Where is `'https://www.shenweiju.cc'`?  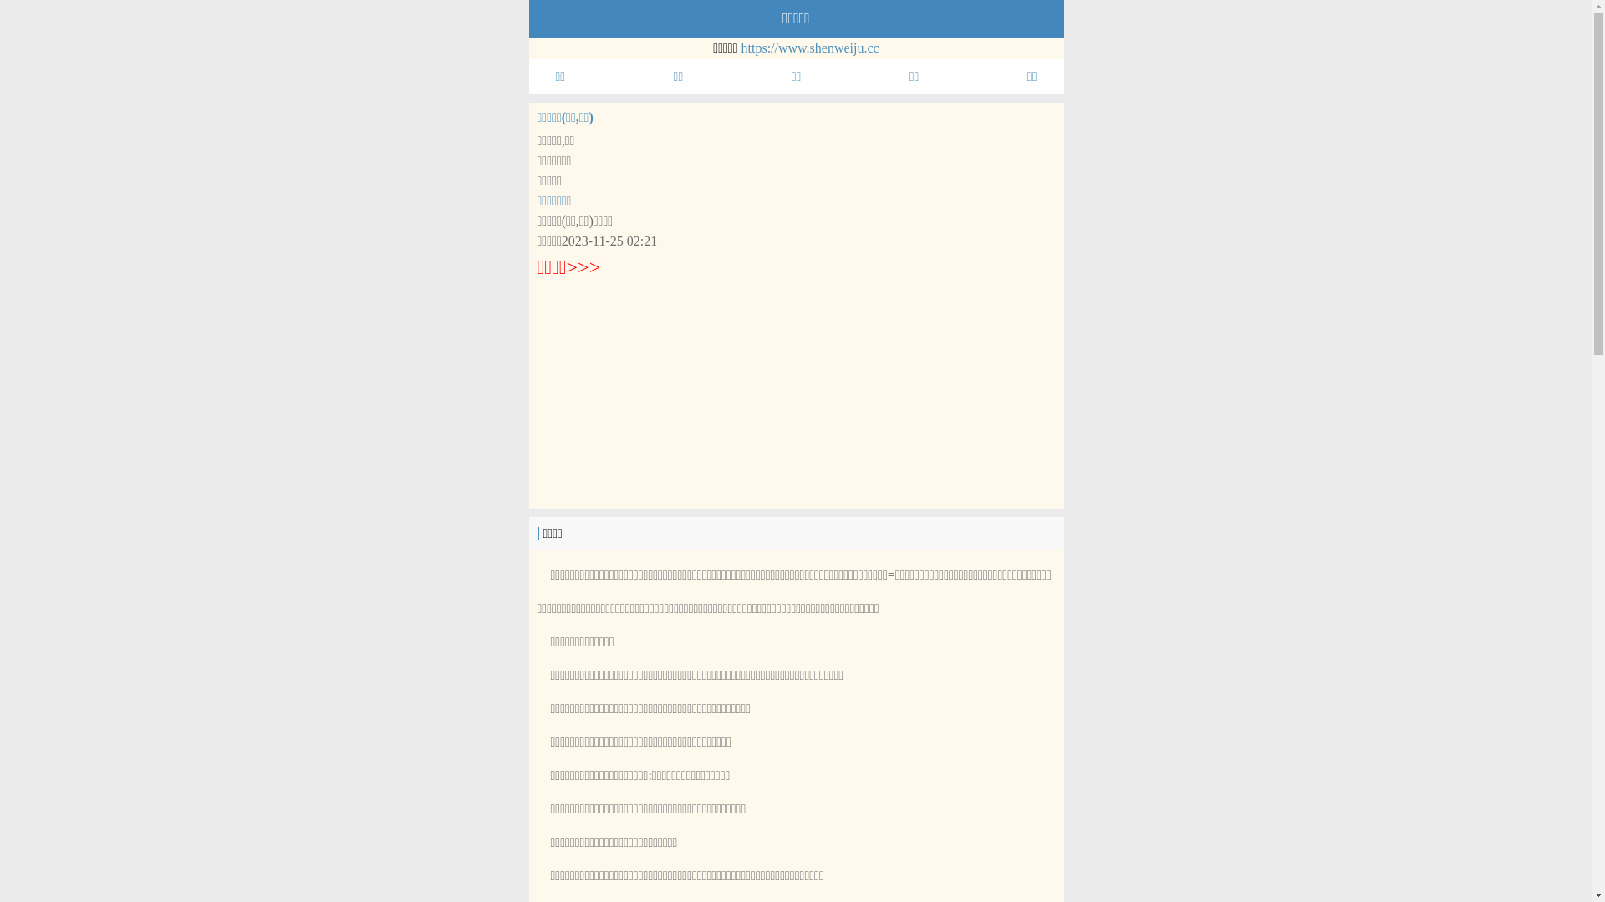
'https://www.shenweiju.cc' is located at coordinates (810, 47).